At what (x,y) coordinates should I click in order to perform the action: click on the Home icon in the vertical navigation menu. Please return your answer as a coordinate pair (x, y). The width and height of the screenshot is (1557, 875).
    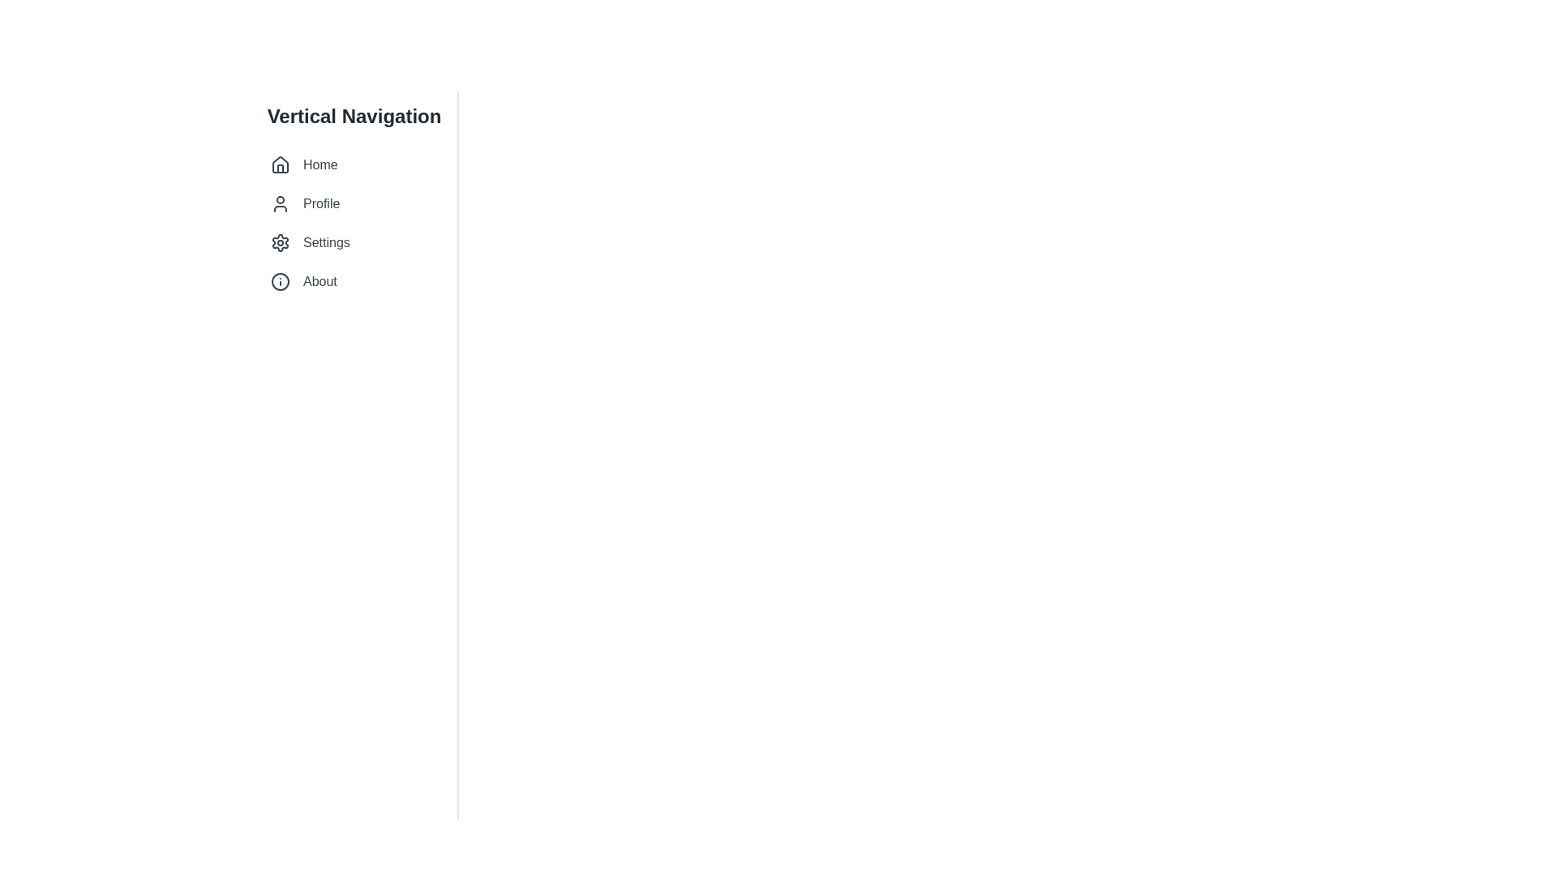
    Looking at the image, I should click on (280, 165).